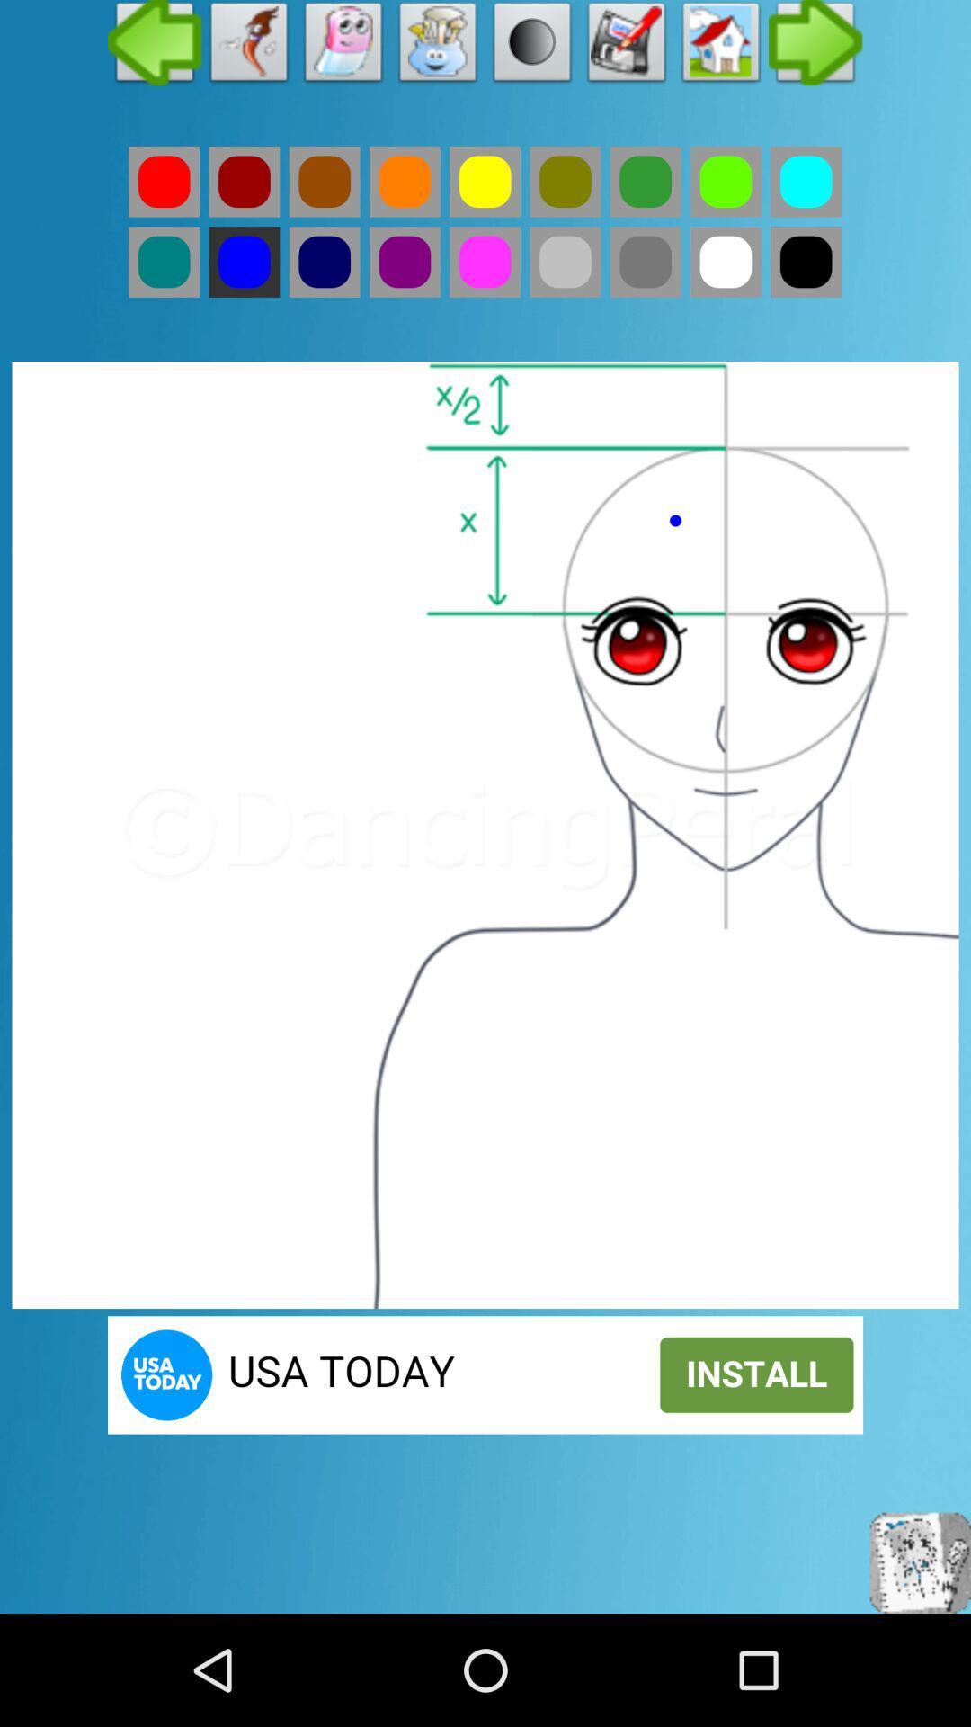 The image size is (971, 1727). I want to click on previous page, so click(154, 47).